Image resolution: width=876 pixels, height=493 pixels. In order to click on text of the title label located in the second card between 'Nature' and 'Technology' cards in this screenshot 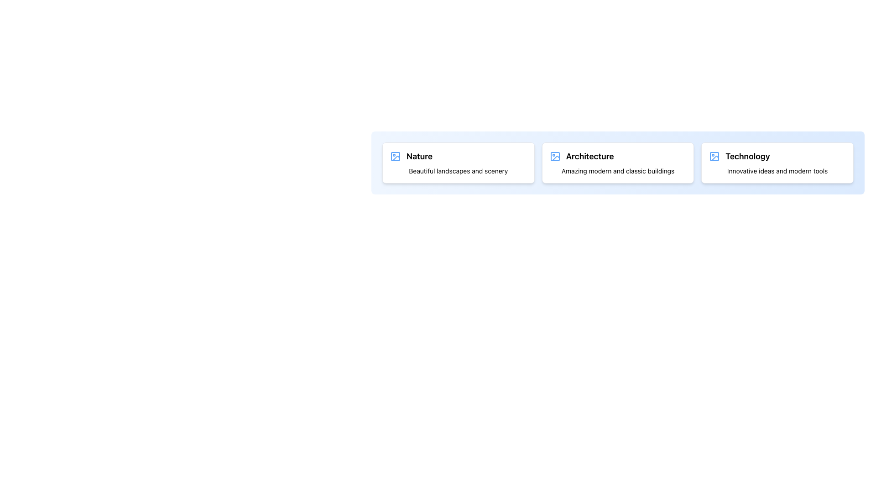, I will do `click(590, 156)`.